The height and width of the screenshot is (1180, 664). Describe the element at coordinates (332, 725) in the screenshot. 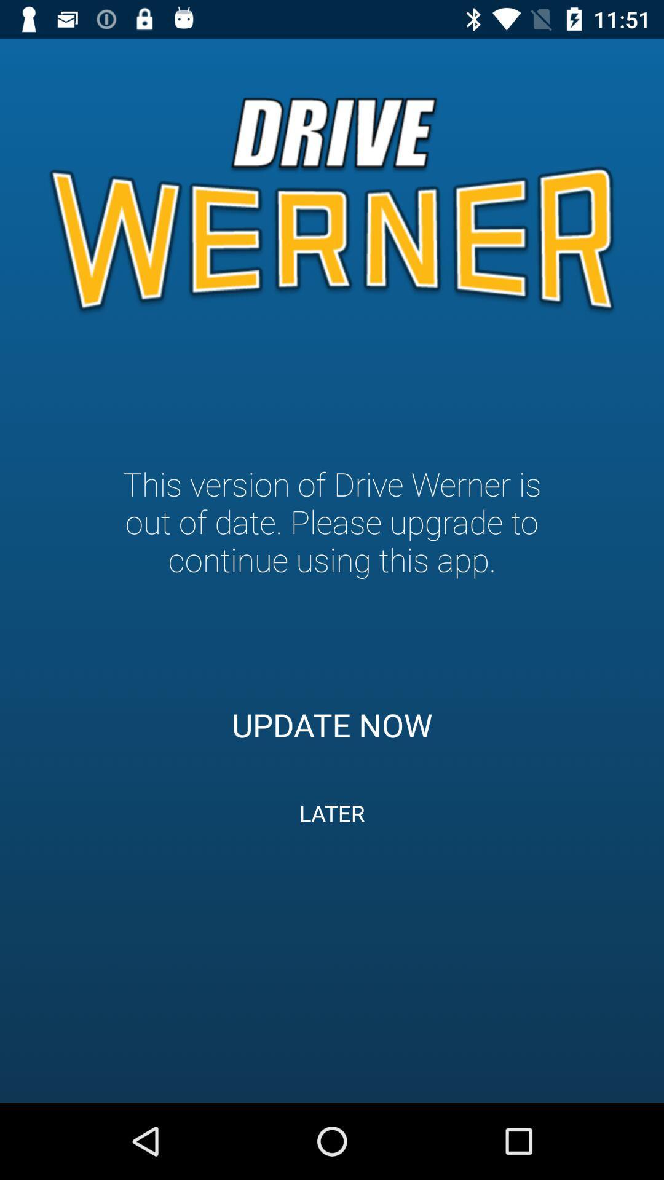

I see `update now` at that location.